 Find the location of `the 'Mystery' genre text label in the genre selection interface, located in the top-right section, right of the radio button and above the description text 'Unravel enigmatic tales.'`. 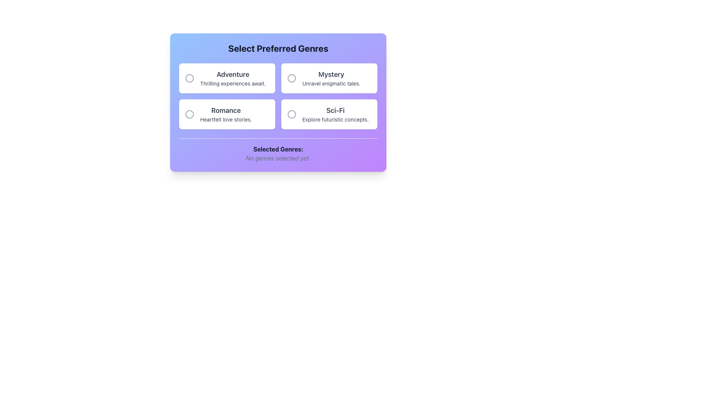

the 'Mystery' genre text label in the genre selection interface, located in the top-right section, right of the radio button and above the description text 'Unravel enigmatic tales.' is located at coordinates (331, 75).